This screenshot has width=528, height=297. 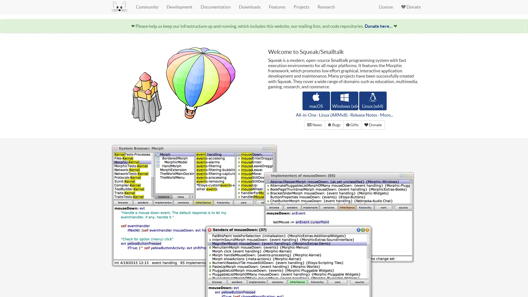 What do you see at coordinates (334, 125) in the screenshot?
I see `Bugs` at bounding box center [334, 125].